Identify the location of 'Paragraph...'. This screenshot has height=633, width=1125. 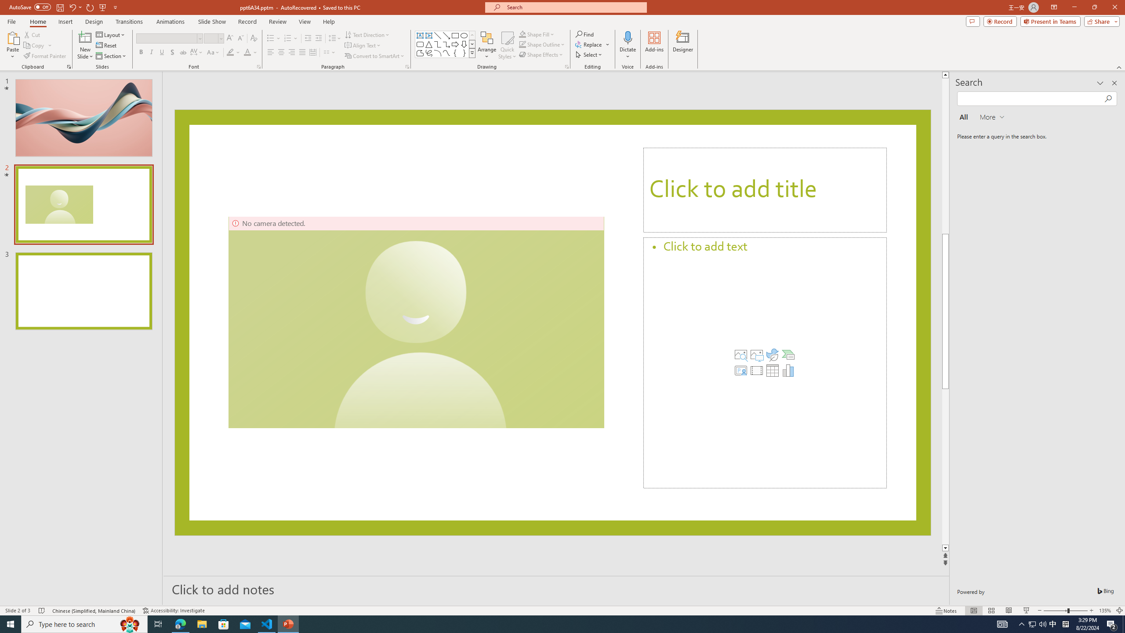
(406, 66).